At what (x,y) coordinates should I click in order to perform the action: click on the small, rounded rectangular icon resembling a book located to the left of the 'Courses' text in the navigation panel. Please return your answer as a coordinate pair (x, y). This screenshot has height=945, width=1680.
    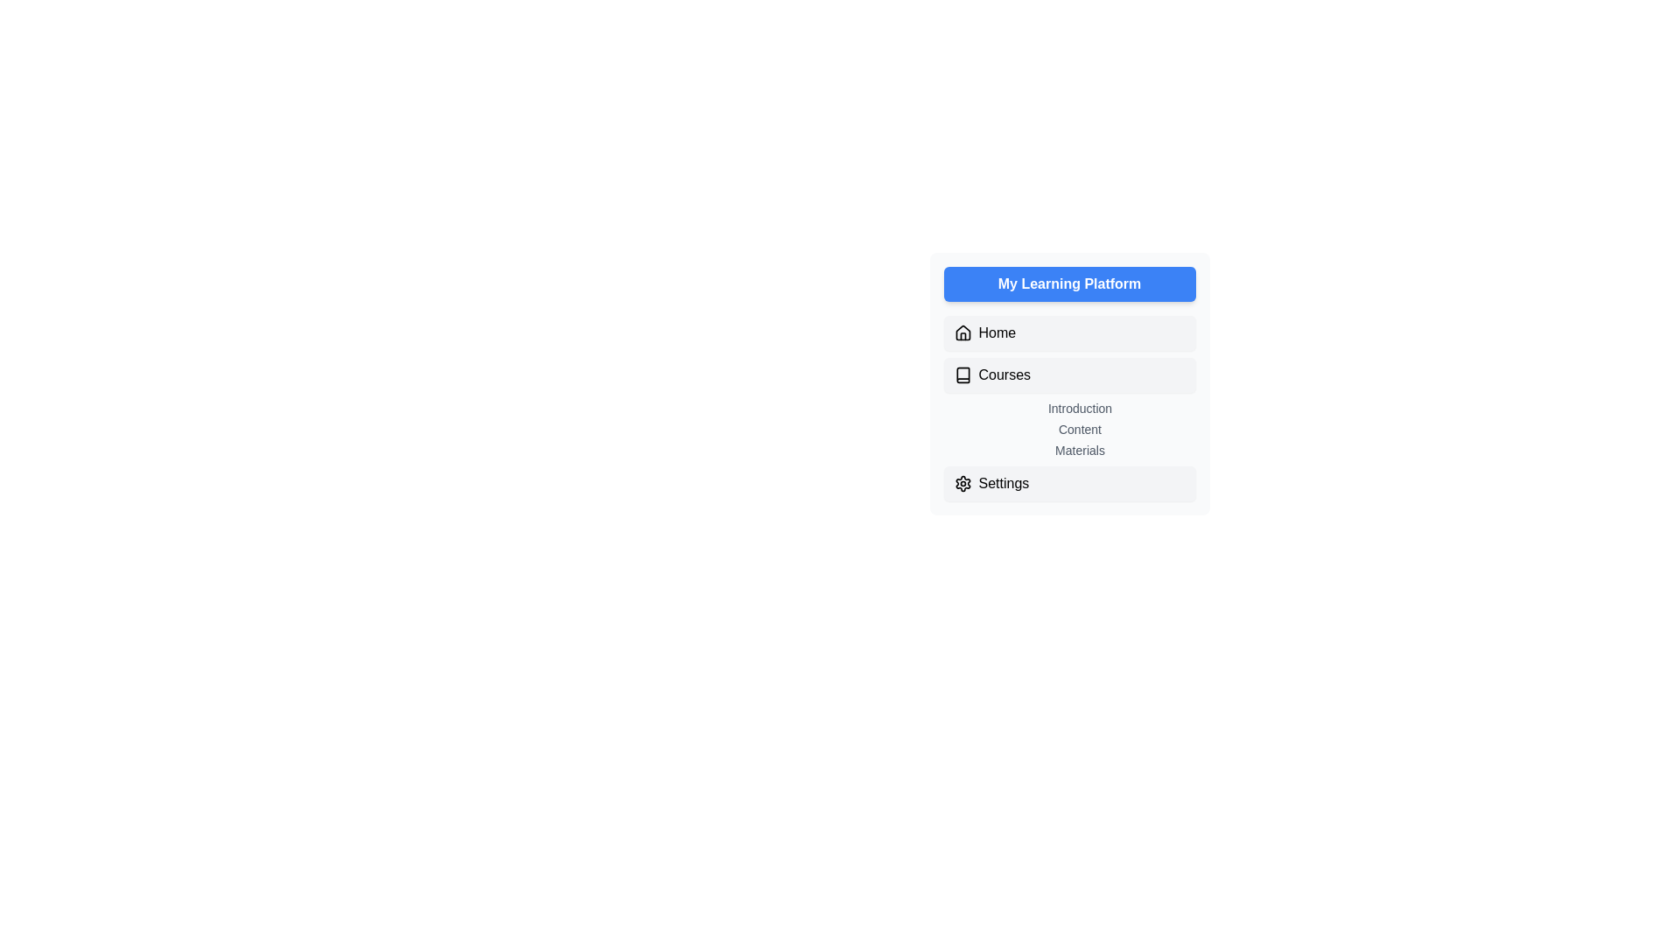
    Looking at the image, I should click on (962, 374).